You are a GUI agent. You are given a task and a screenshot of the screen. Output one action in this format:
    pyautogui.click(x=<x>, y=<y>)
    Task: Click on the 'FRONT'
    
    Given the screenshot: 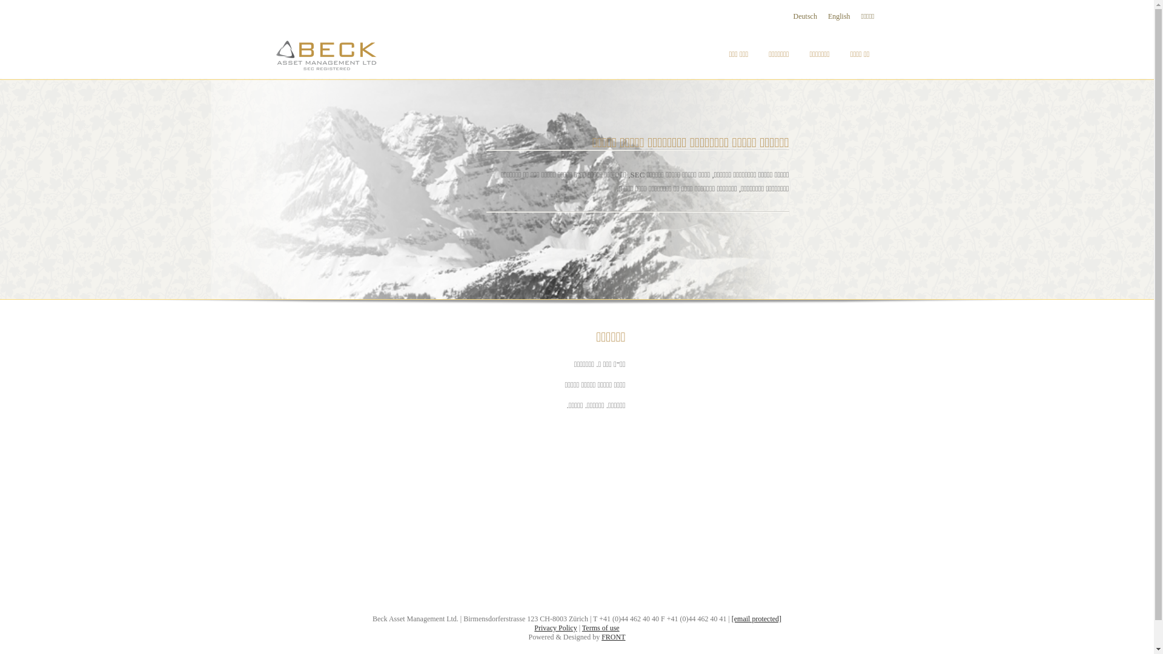 What is the action you would take?
    pyautogui.click(x=613, y=636)
    